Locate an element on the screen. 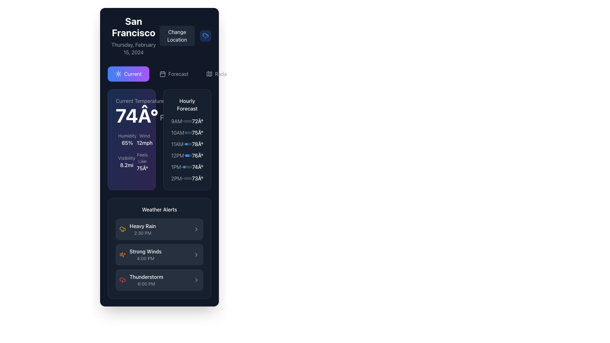  the folded map icon, which is styled in a minimalist outline design and is located to the left of the 'Radar' text link is located at coordinates (209, 73).